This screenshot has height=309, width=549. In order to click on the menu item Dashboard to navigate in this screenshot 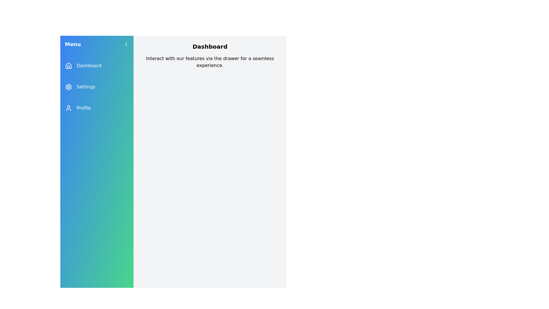, I will do `click(97, 66)`.